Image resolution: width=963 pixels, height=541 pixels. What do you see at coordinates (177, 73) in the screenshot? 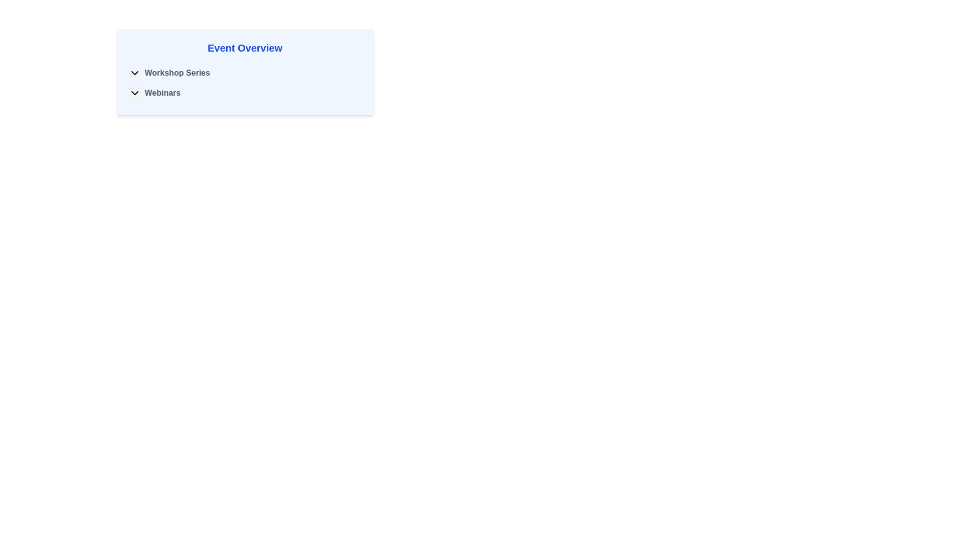
I see `the text label that describes the 'Workshop Series' section, which is located under the 'Event Overview' header and is the first item in the list` at bounding box center [177, 73].